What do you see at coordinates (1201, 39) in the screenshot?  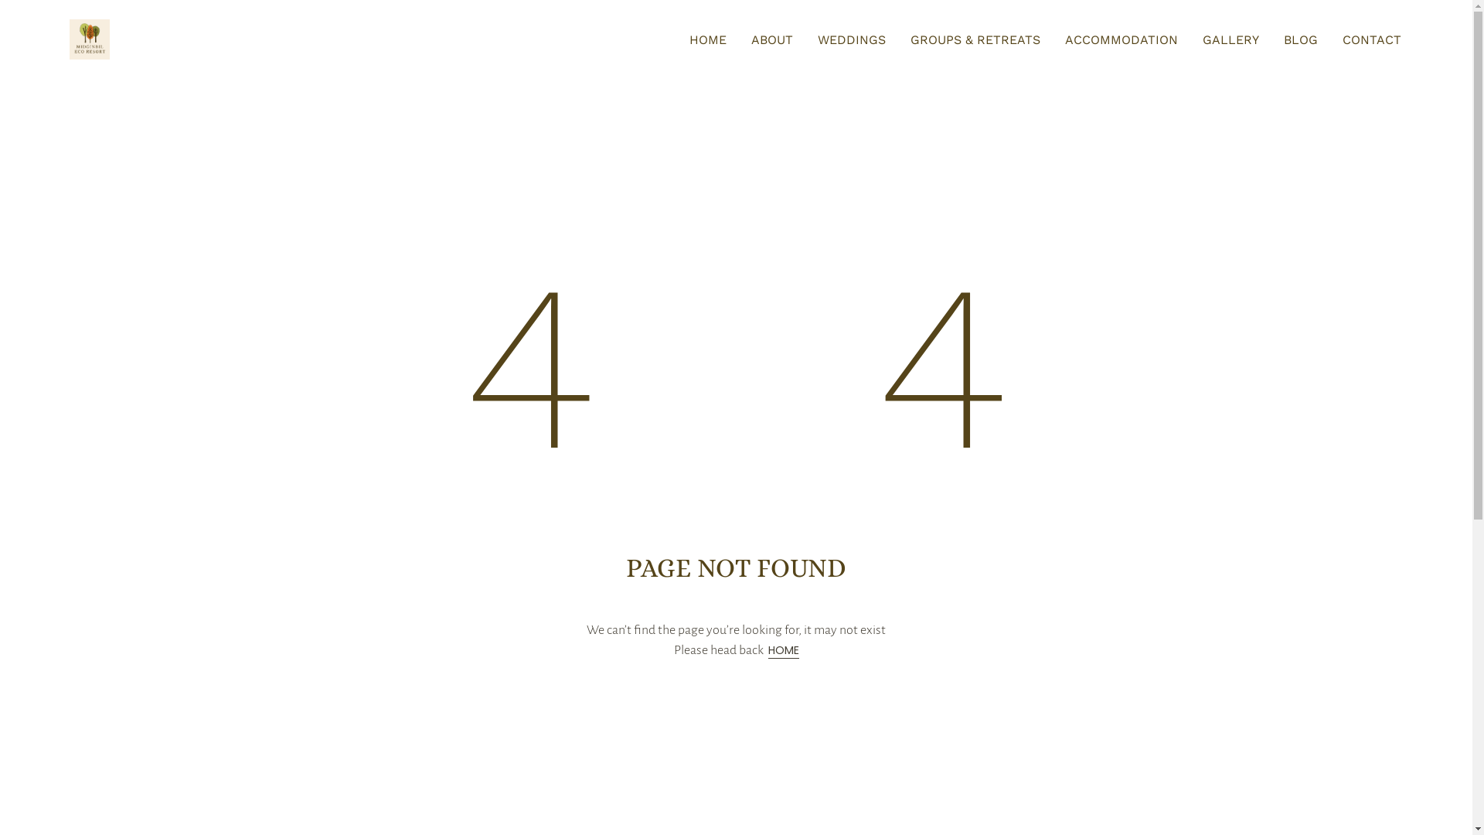 I see `'GALLERY'` at bounding box center [1201, 39].